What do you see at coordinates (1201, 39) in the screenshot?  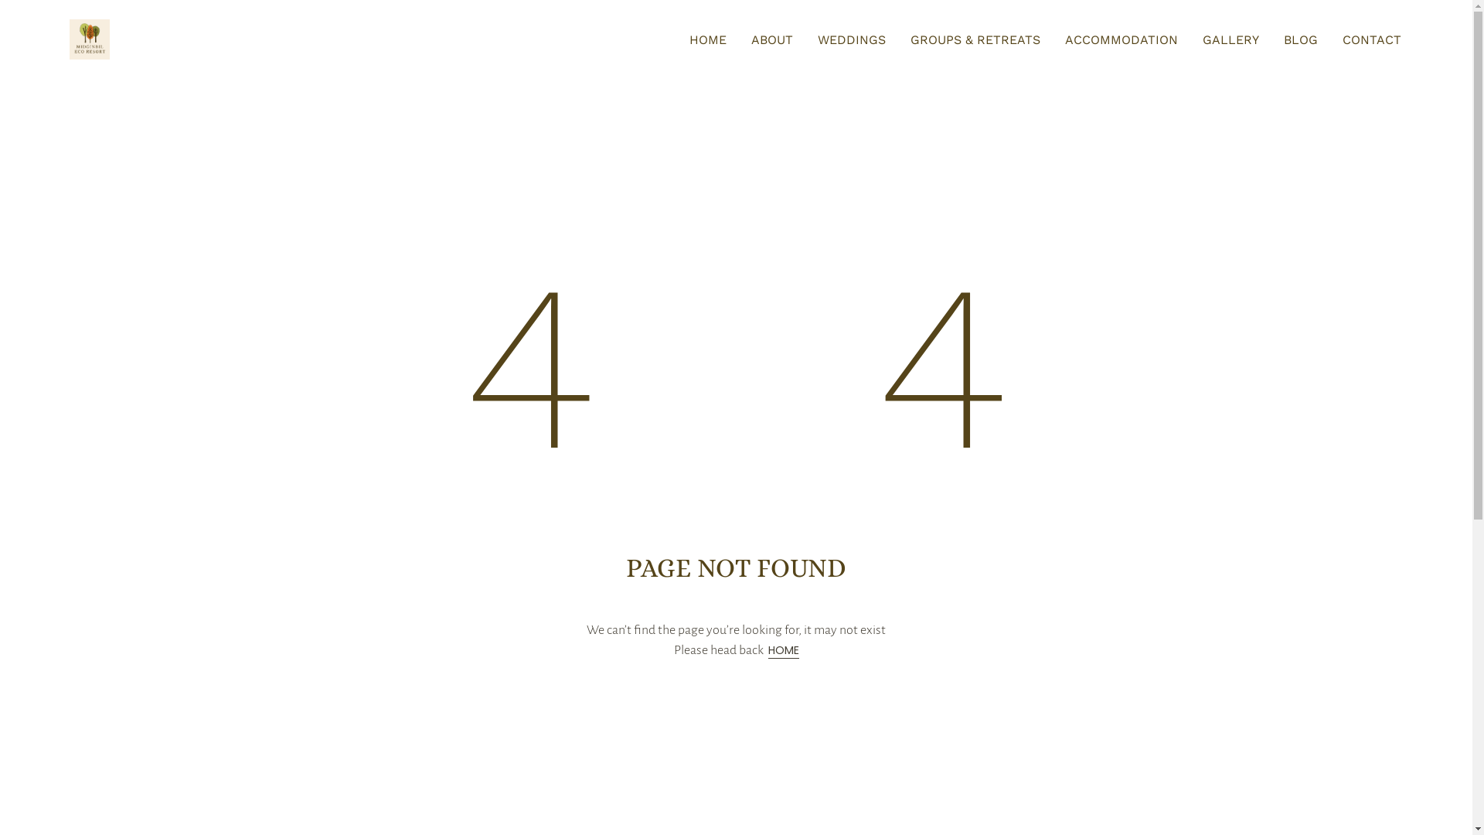 I see `'GALLERY'` at bounding box center [1201, 39].